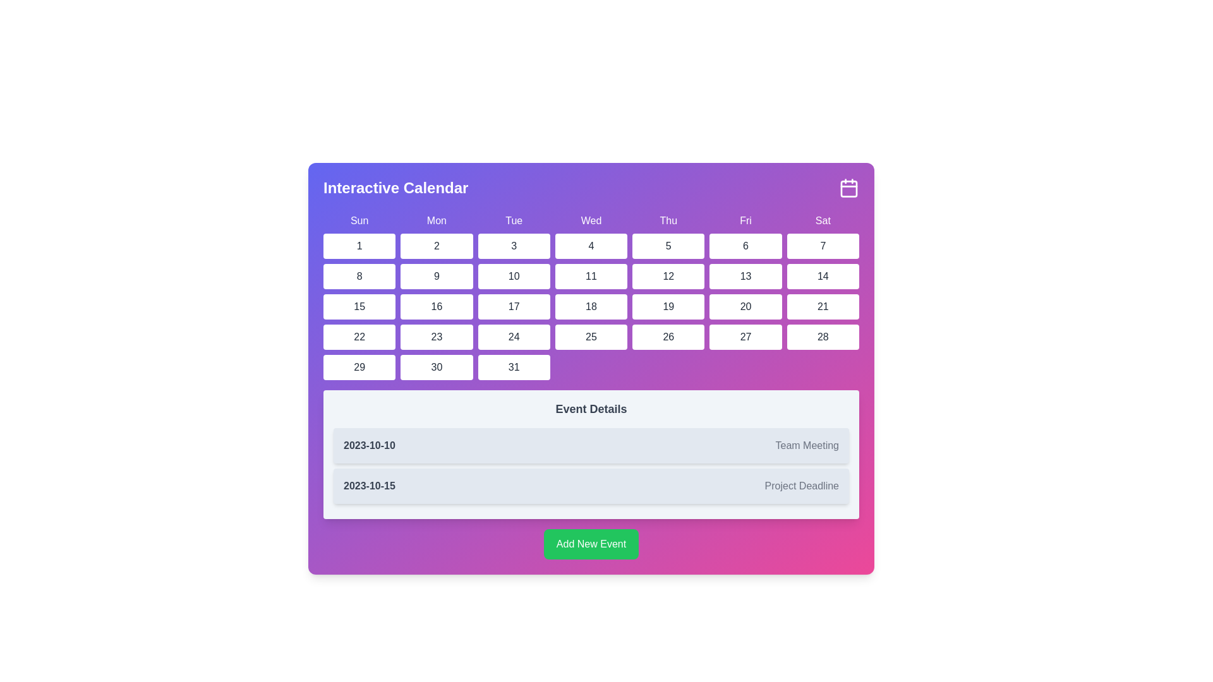  What do you see at coordinates (745, 246) in the screenshot?
I see `the calendar day button representing '6' to trigger hover styles` at bounding box center [745, 246].